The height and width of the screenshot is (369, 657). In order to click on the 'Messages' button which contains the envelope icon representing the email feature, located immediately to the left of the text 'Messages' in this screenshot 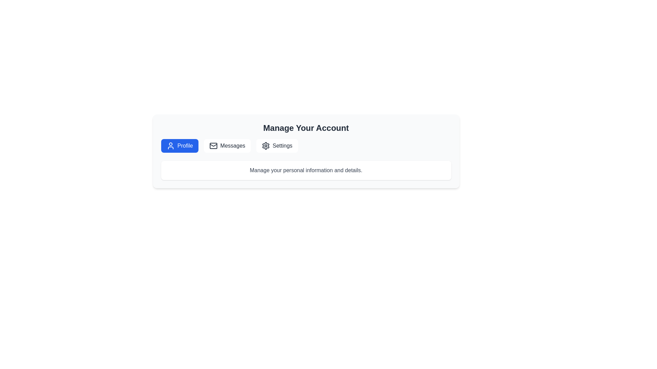, I will do `click(213, 146)`.